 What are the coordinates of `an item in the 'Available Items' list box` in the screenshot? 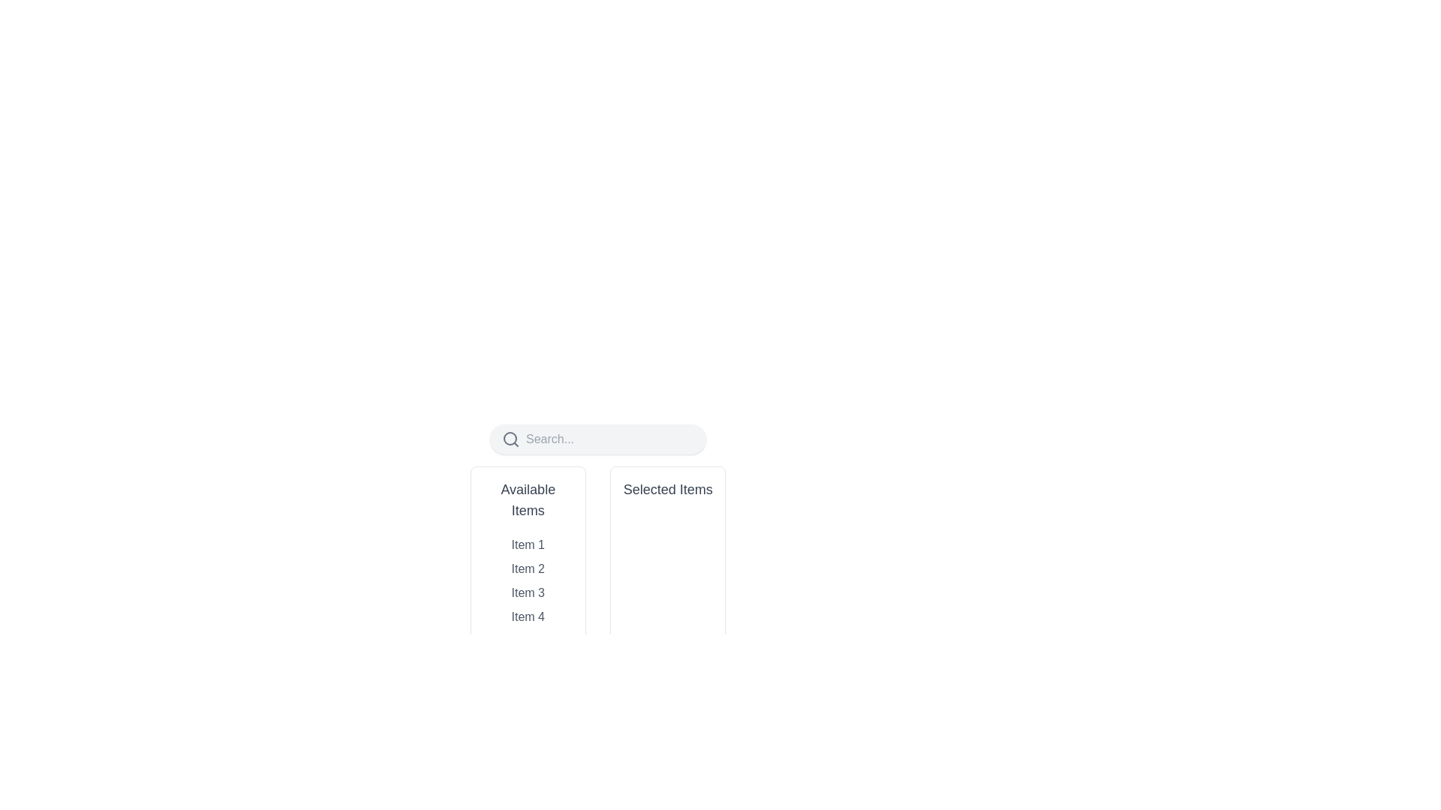 It's located at (528, 625).